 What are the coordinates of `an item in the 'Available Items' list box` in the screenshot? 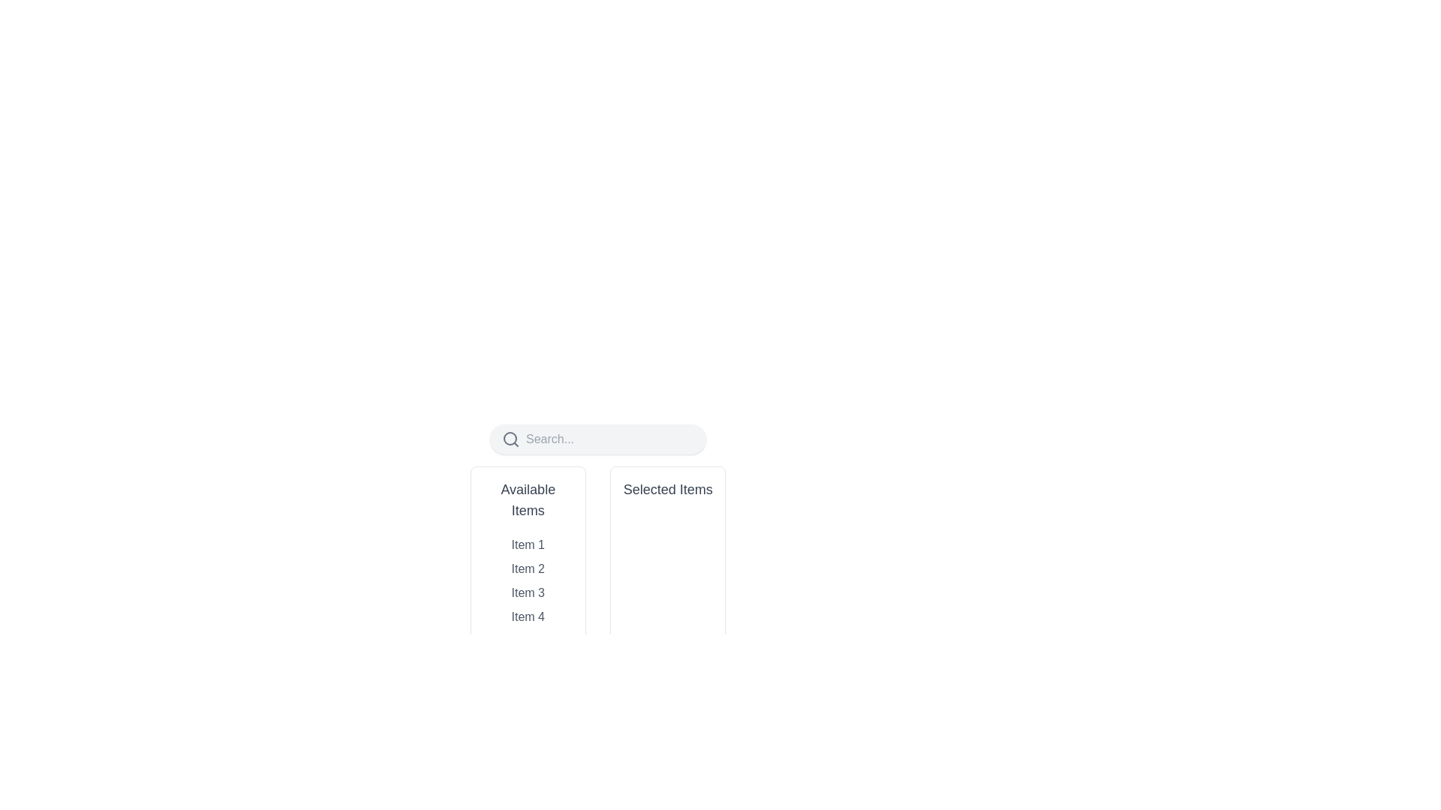 It's located at (528, 625).